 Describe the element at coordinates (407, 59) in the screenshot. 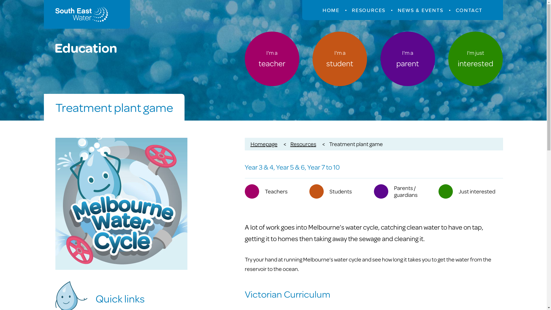

I see `'I'm a` at that location.